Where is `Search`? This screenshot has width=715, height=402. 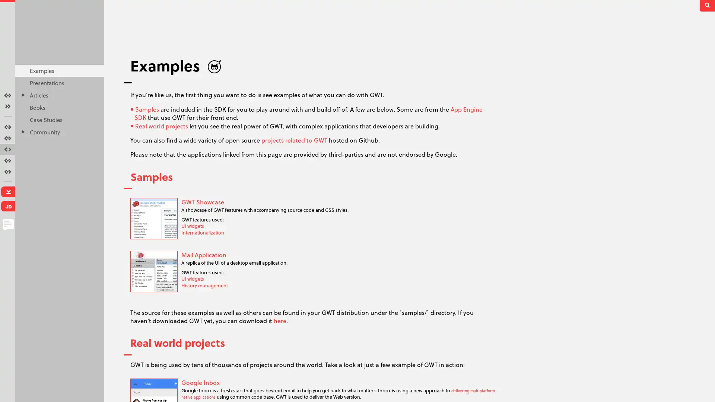 Search is located at coordinates (708, 6).